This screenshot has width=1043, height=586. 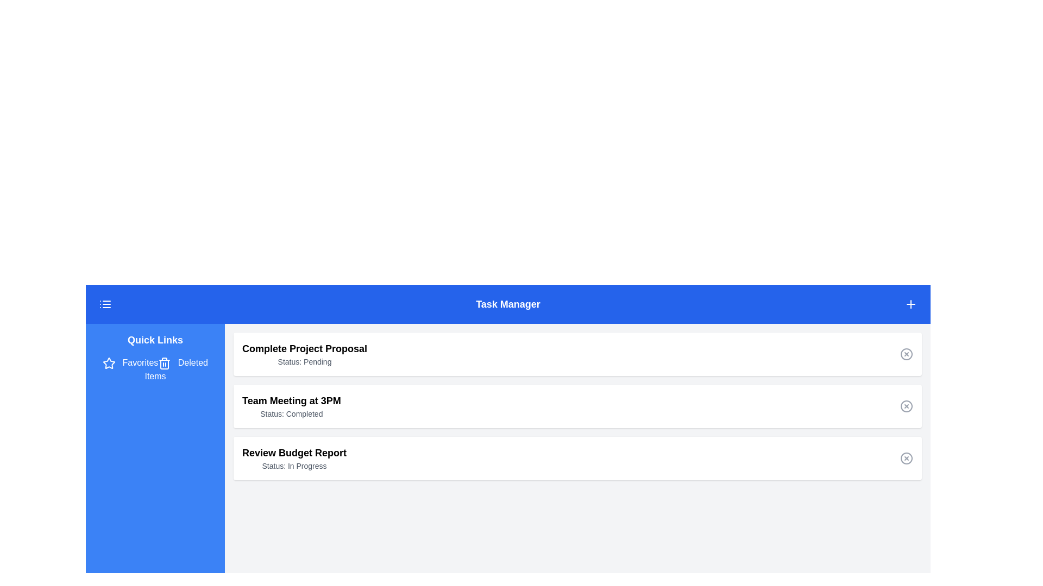 What do you see at coordinates (164, 363) in the screenshot?
I see `the trash can icon located in the Quick Links section of the blue navigation panel` at bounding box center [164, 363].